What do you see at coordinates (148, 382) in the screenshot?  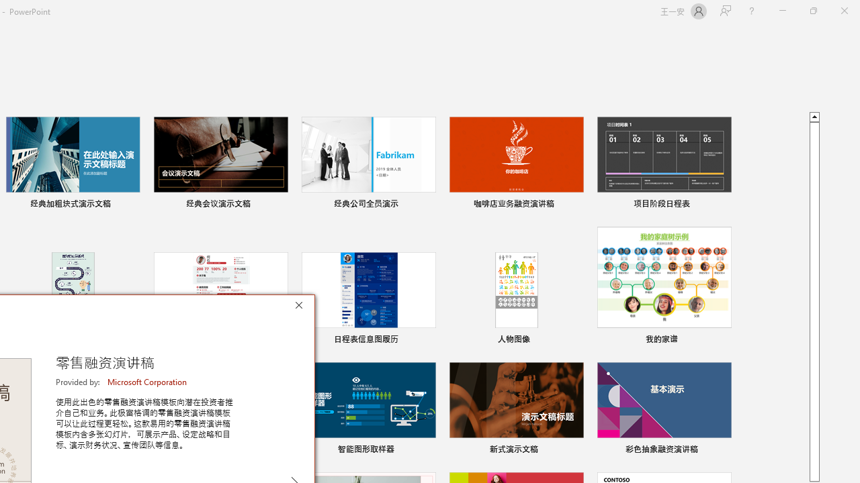 I see `'Microsoft Corporation'` at bounding box center [148, 382].